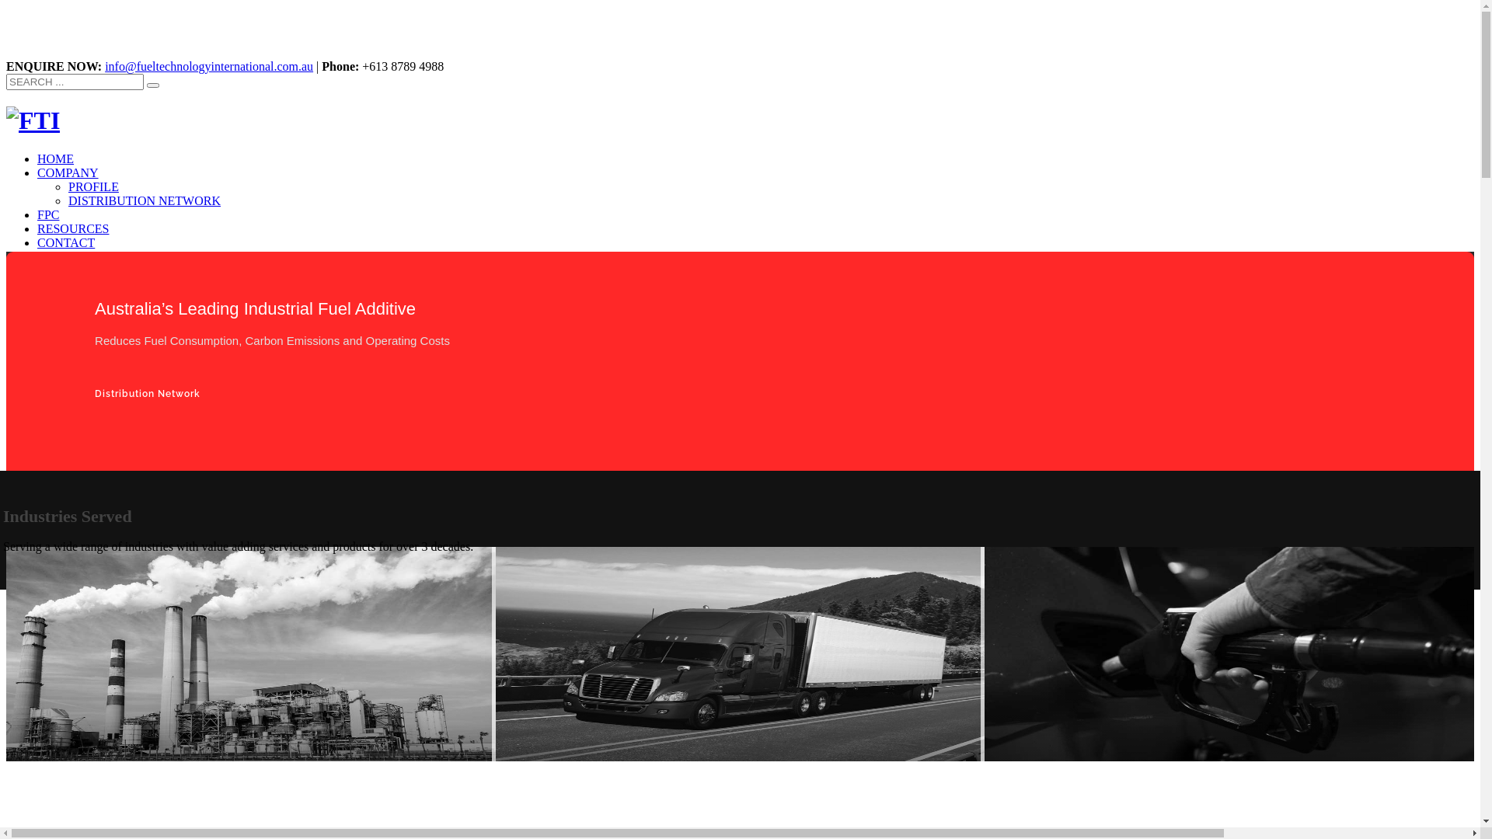  What do you see at coordinates (148, 392) in the screenshot?
I see `'Distribution Network'` at bounding box center [148, 392].